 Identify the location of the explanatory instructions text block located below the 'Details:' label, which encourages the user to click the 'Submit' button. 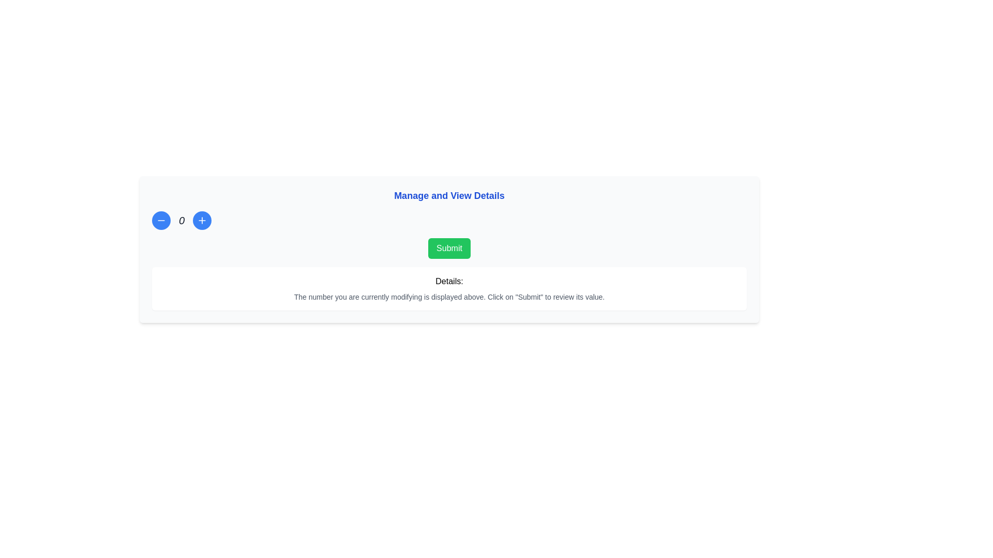
(449, 297).